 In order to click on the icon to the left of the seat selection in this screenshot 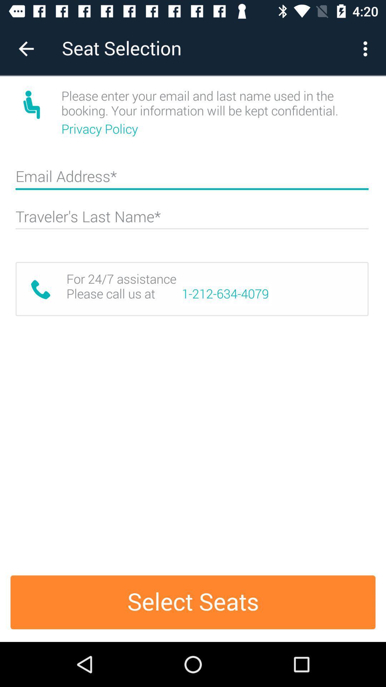, I will do `click(26, 48)`.